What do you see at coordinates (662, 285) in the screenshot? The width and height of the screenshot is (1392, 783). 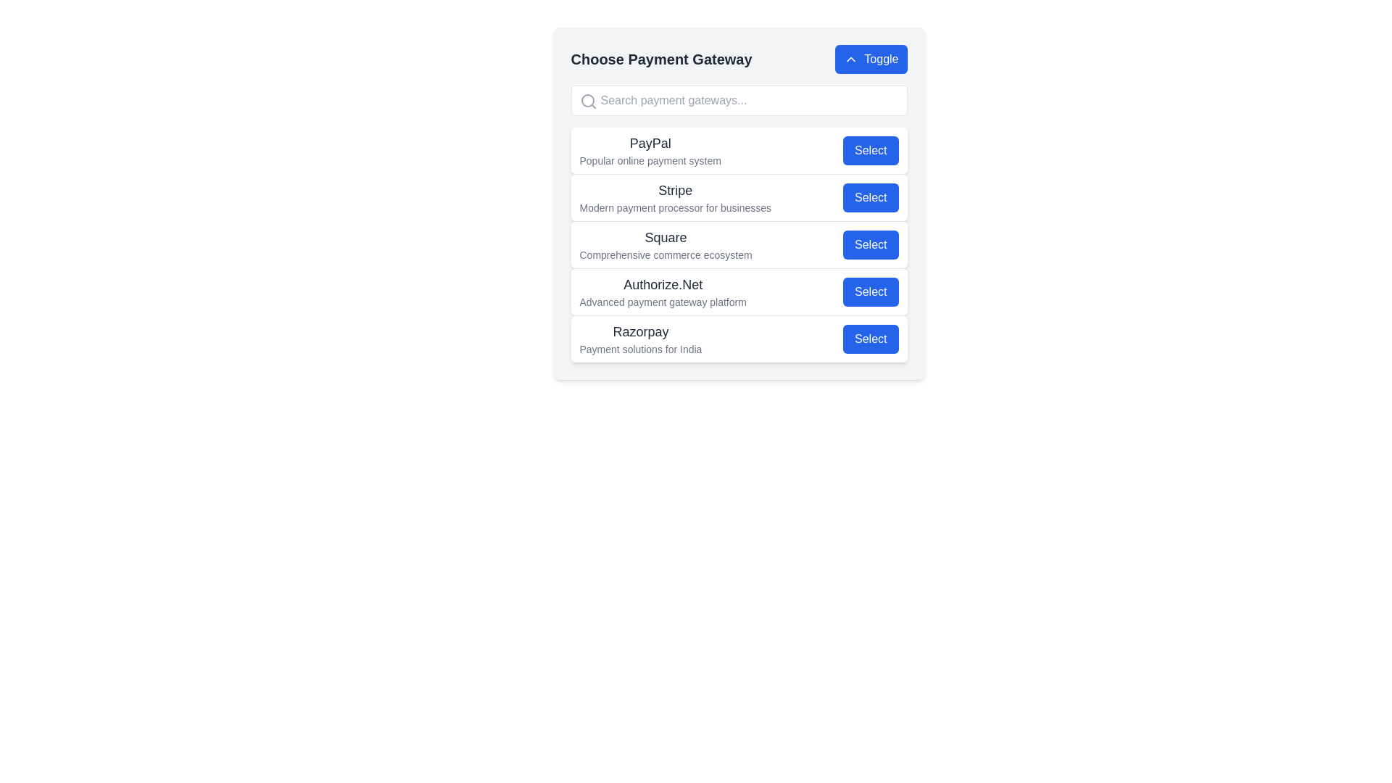 I see `the 'Authorize.Net' label displaying the payment gateway name for user identification and selection` at bounding box center [662, 285].